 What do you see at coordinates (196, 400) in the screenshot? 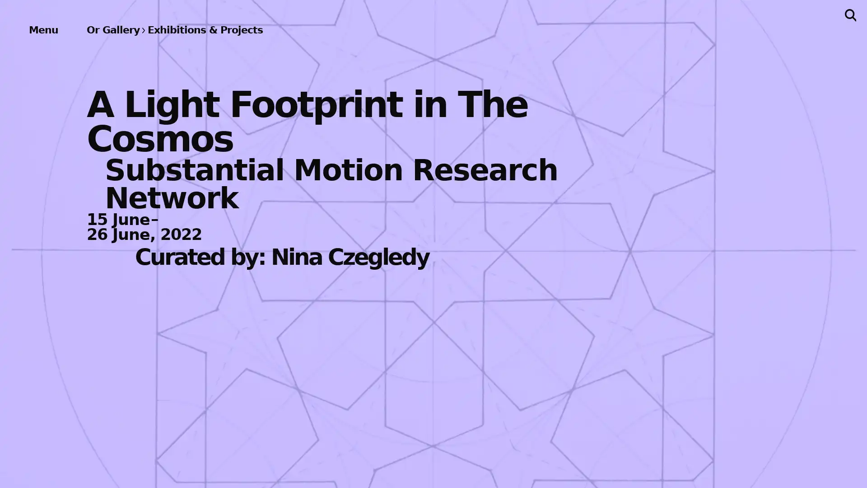
I see `Support` at bounding box center [196, 400].